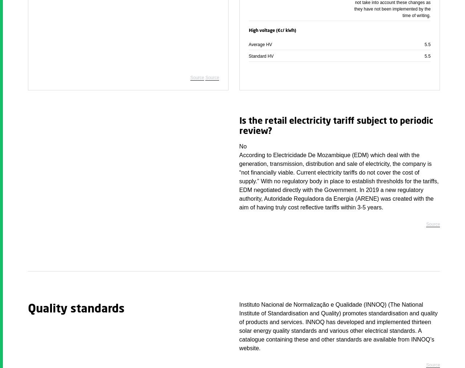 The image size is (465, 368). Describe the element at coordinates (28, 309) in the screenshot. I see `'Quality standards'` at that location.